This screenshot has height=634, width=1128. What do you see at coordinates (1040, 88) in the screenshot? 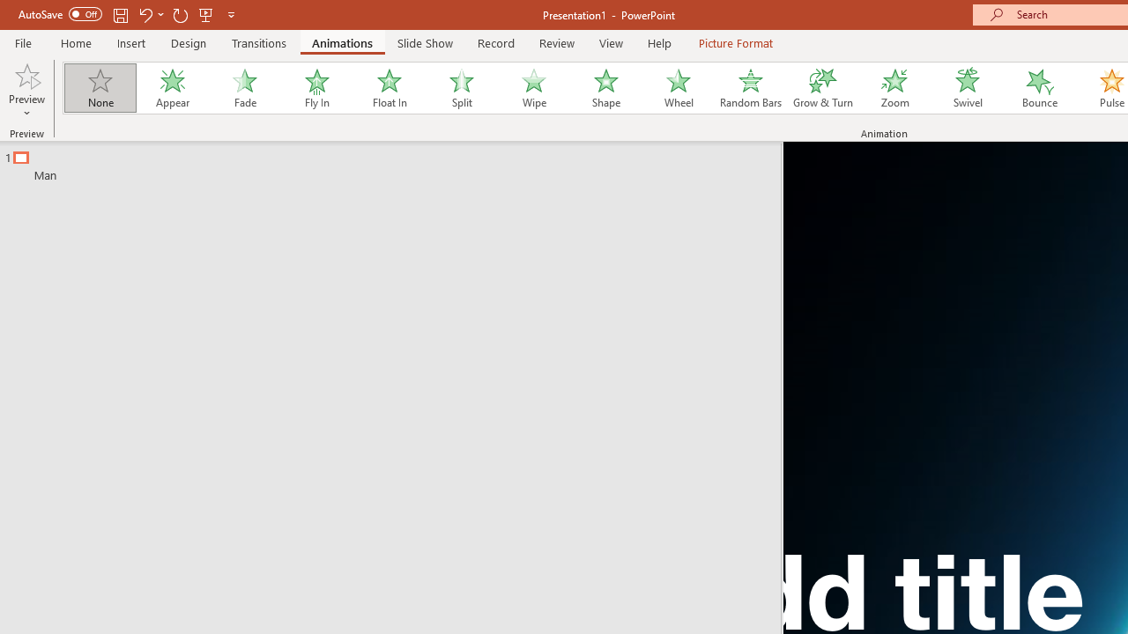
I see `'Bounce'` at bounding box center [1040, 88].